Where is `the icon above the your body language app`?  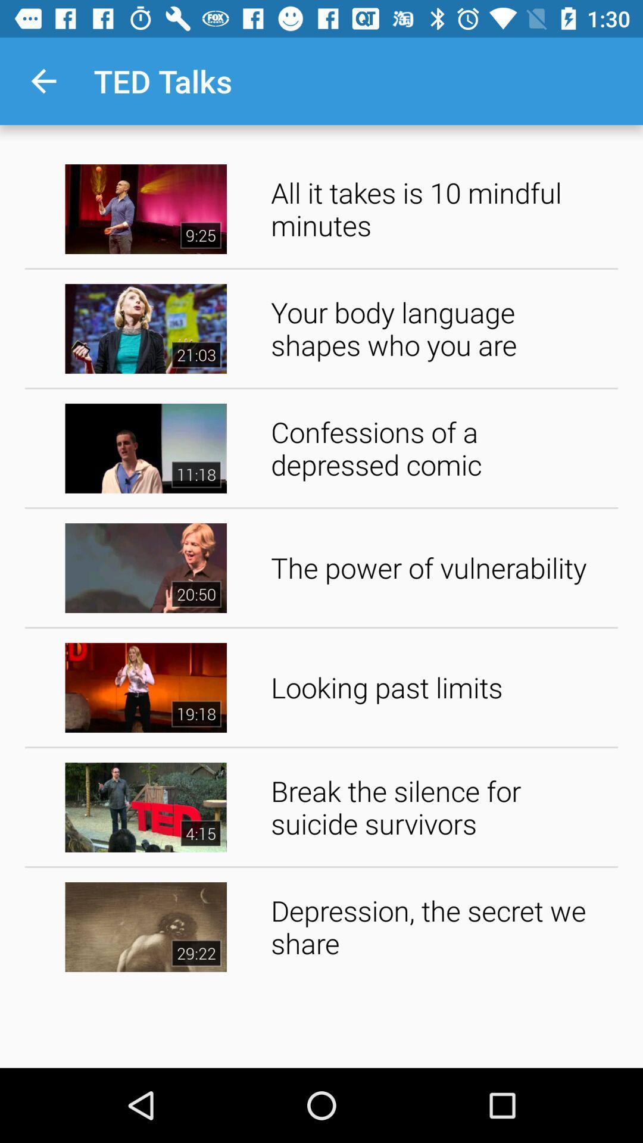 the icon above the your body language app is located at coordinates (440, 208).